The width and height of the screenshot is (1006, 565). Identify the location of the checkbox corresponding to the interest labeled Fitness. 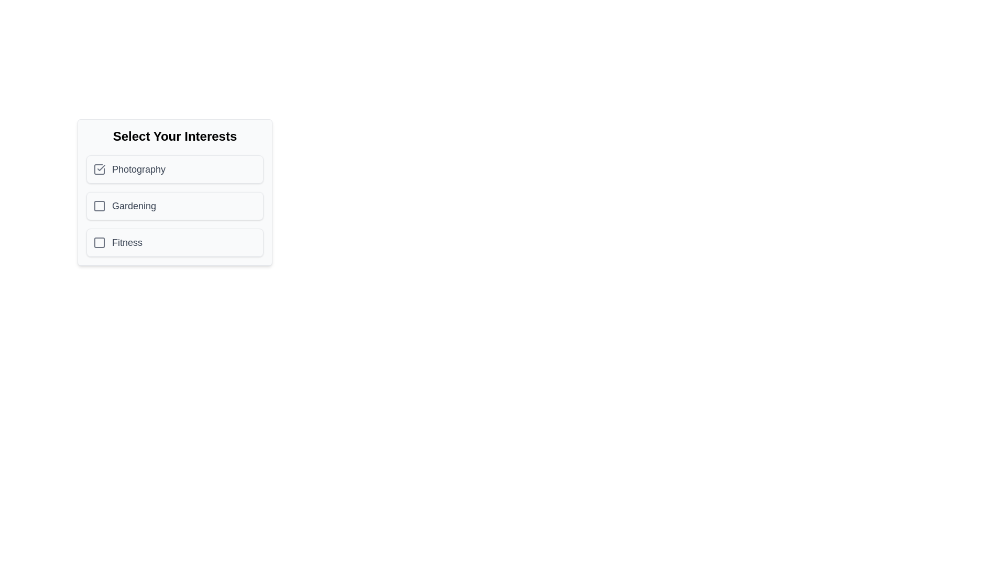
(100, 242).